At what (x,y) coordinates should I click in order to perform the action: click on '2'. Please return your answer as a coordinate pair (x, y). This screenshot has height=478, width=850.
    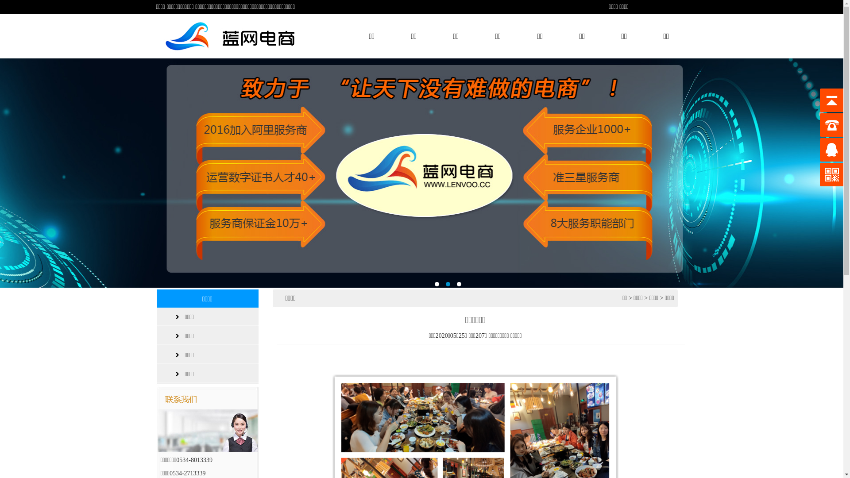
    Looking at the image, I should click on (445, 284).